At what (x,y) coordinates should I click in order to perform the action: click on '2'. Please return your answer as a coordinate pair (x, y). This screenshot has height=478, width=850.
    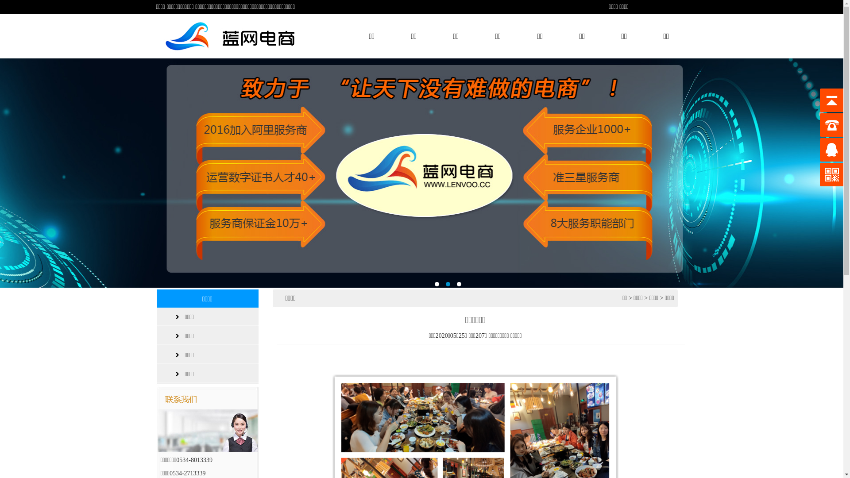
    Looking at the image, I should click on (445, 284).